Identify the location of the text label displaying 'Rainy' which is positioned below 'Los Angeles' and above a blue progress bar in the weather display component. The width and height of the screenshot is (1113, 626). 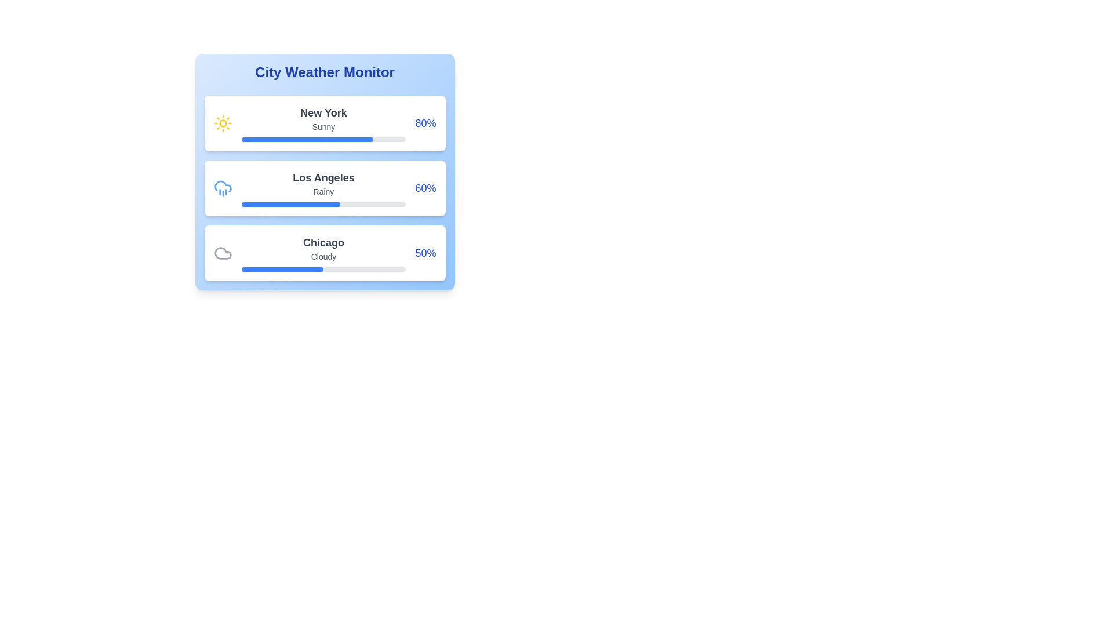
(323, 191).